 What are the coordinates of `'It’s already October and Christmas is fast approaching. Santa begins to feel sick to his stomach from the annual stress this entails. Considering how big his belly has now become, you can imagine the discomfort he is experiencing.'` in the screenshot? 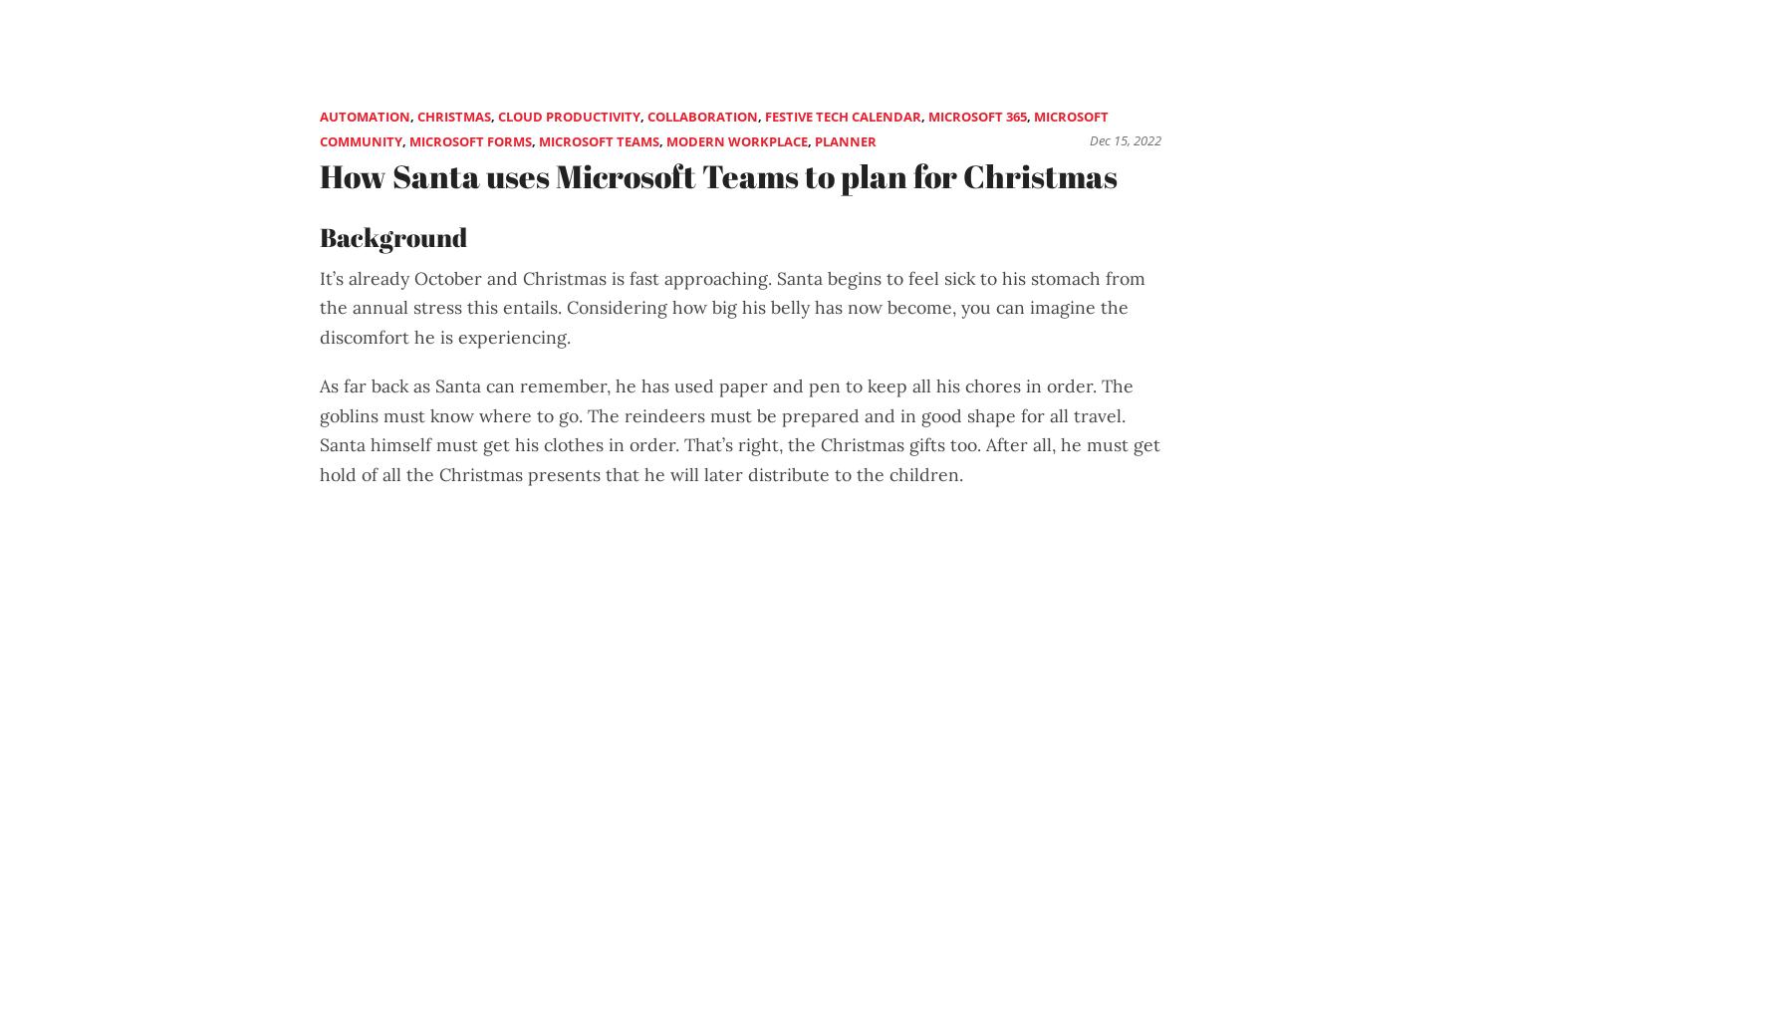 It's located at (732, 306).